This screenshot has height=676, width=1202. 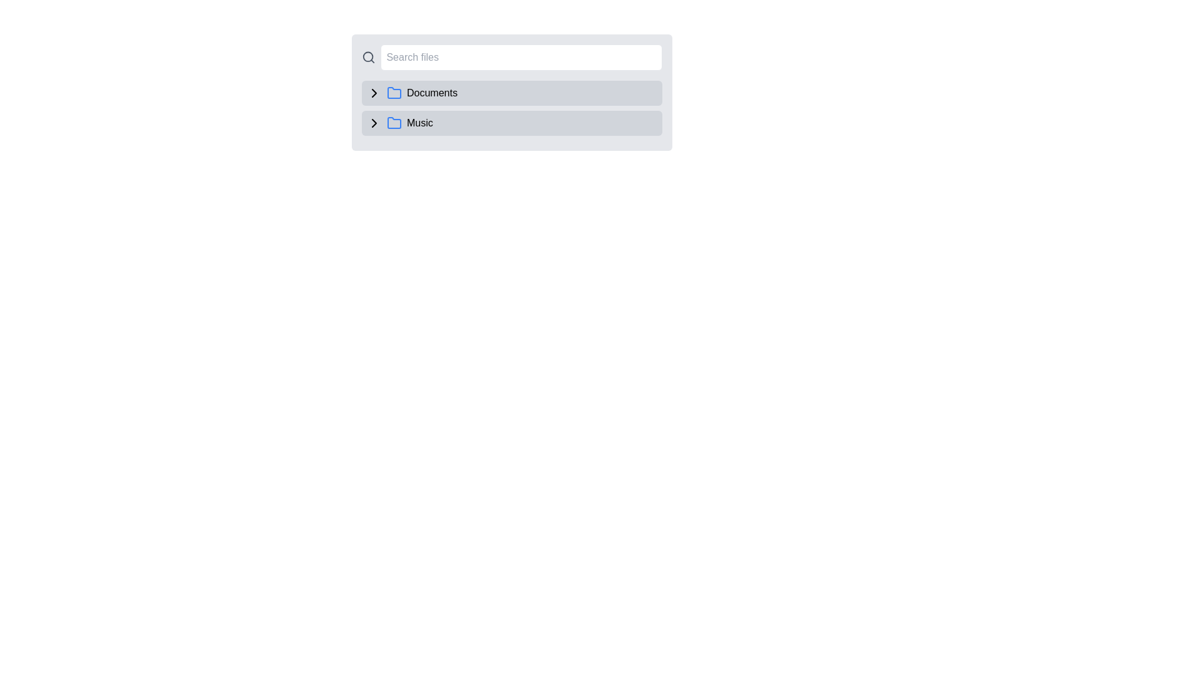 What do you see at coordinates (374, 93) in the screenshot?
I see `the right-pointing chevron toggle icon located on the left edge of the 'Documents' folder item` at bounding box center [374, 93].